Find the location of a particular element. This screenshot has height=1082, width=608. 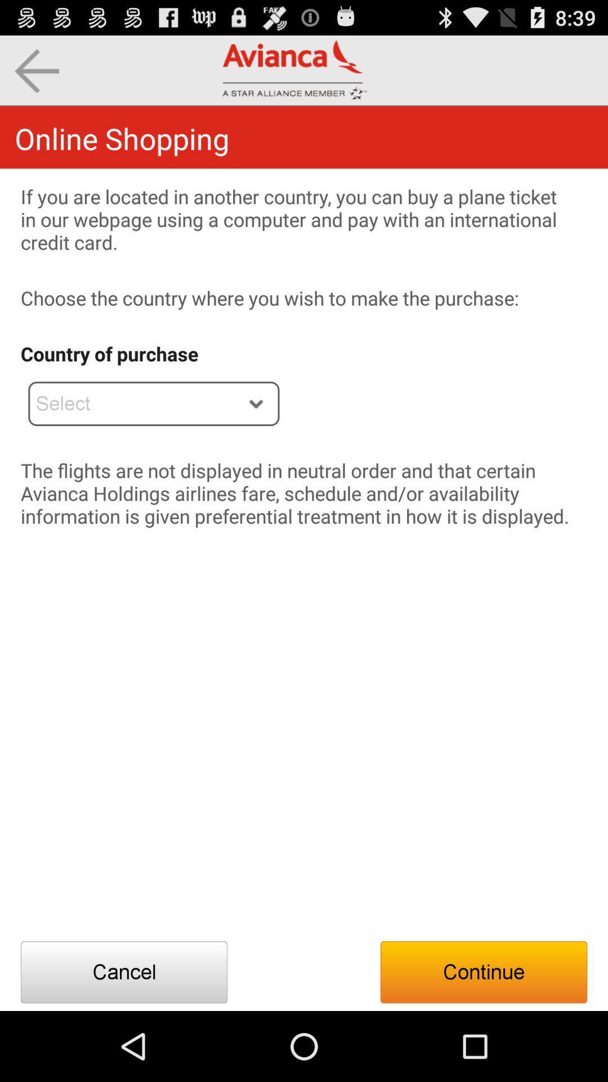

the button at the bottom right corner is located at coordinates (483, 972).